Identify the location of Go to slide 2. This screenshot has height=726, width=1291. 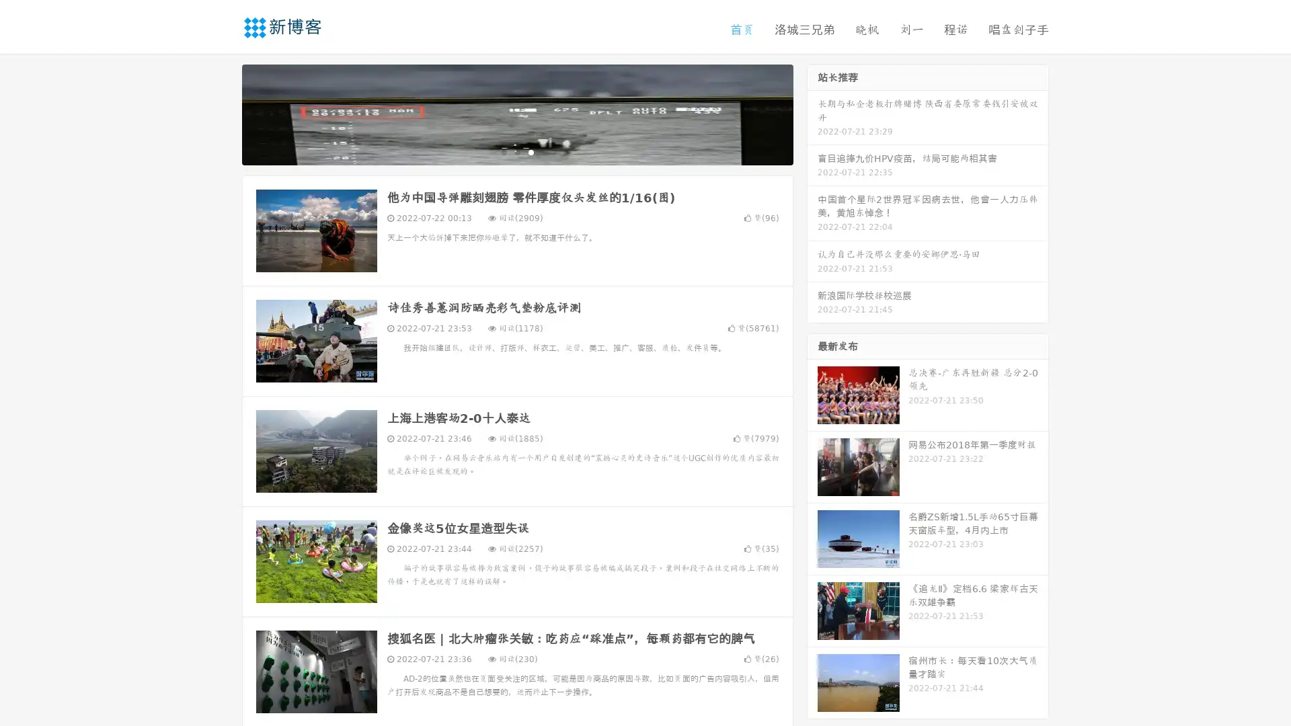
(516, 151).